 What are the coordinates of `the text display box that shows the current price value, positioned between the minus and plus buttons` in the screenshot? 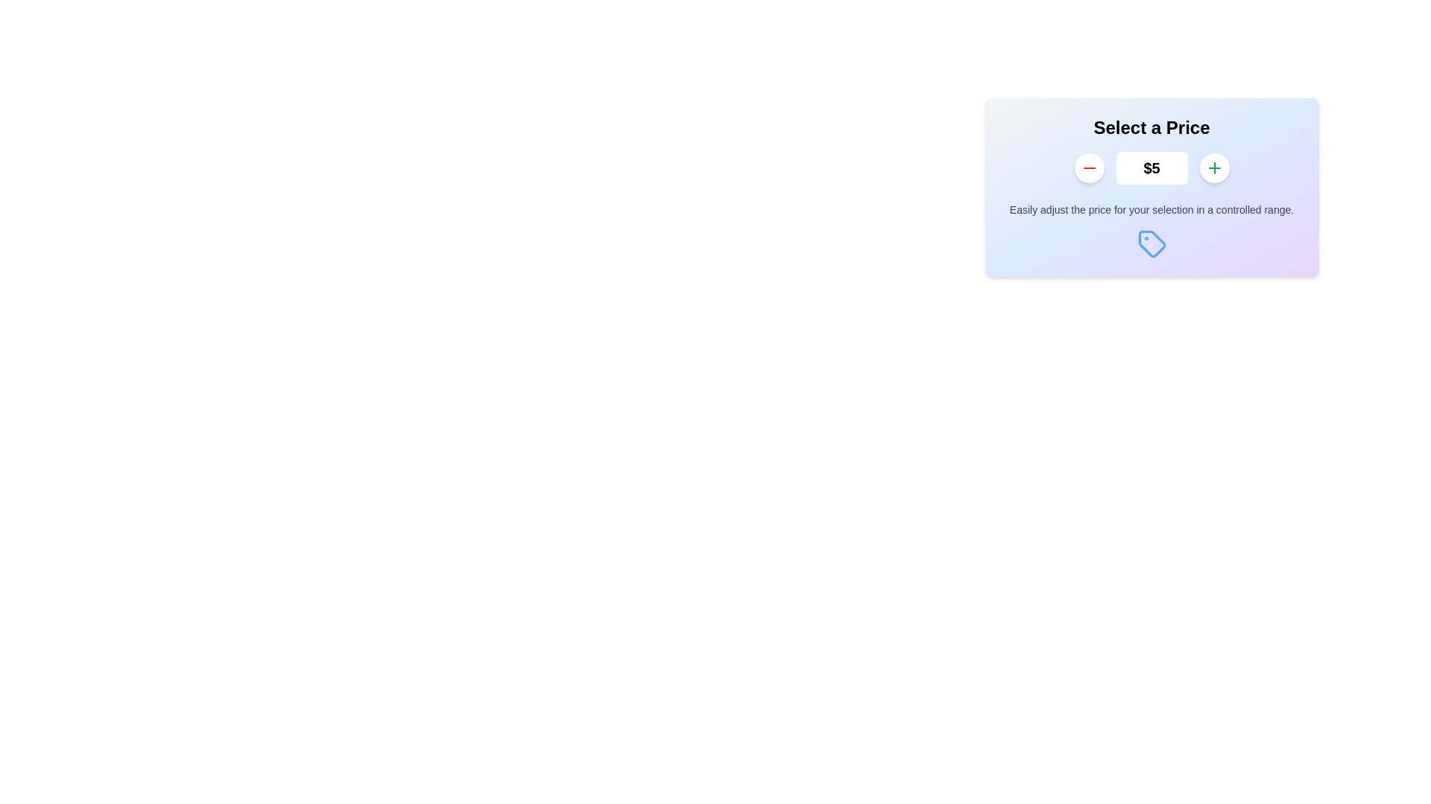 It's located at (1151, 167).